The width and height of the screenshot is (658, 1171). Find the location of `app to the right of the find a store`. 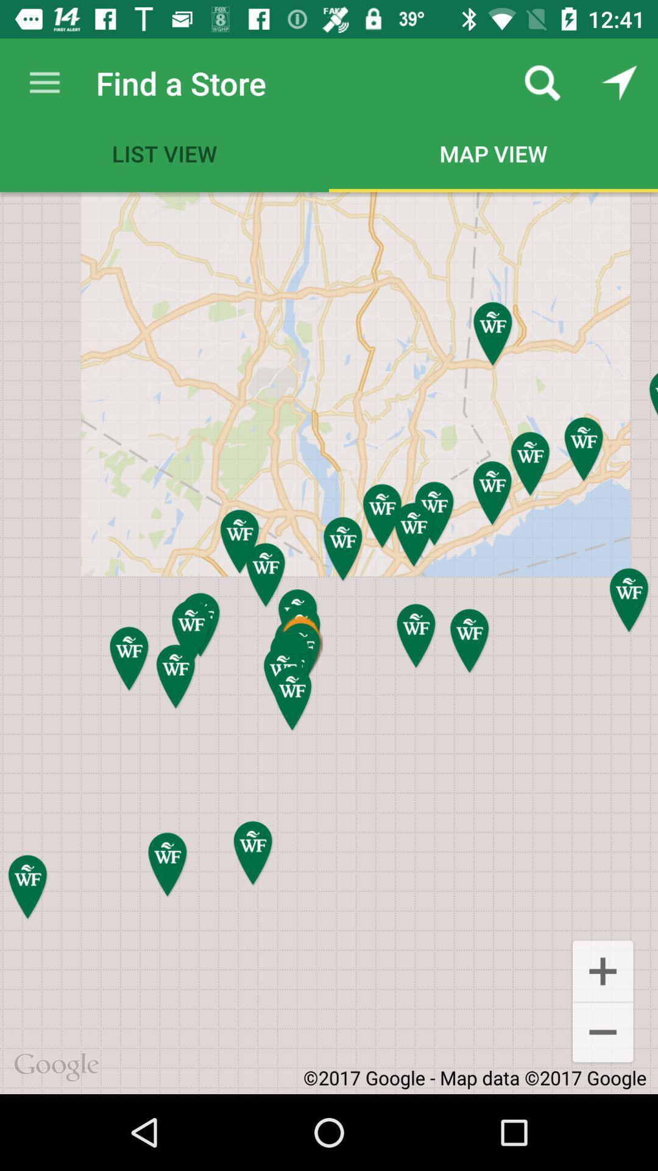

app to the right of the find a store is located at coordinates (542, 82).